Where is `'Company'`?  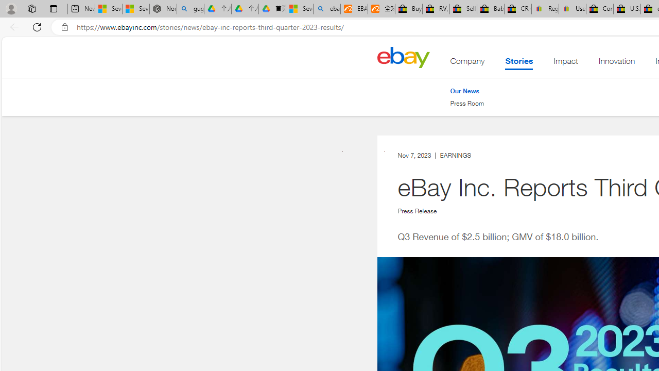
'Company' is located at coordinates (467, 63).